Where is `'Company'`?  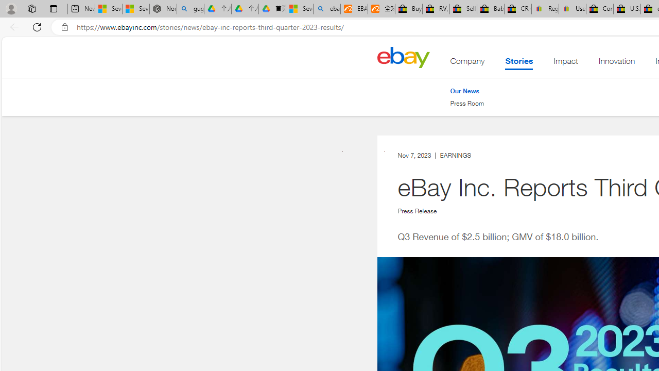
'Company' is located at coordinates (467, 63).